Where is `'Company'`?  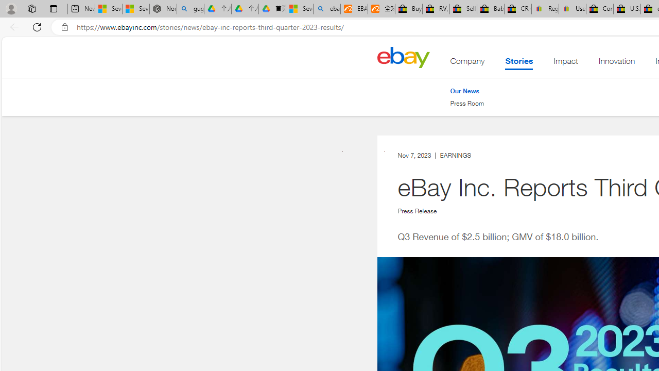
'Company' is located at coordinates (467, 63).